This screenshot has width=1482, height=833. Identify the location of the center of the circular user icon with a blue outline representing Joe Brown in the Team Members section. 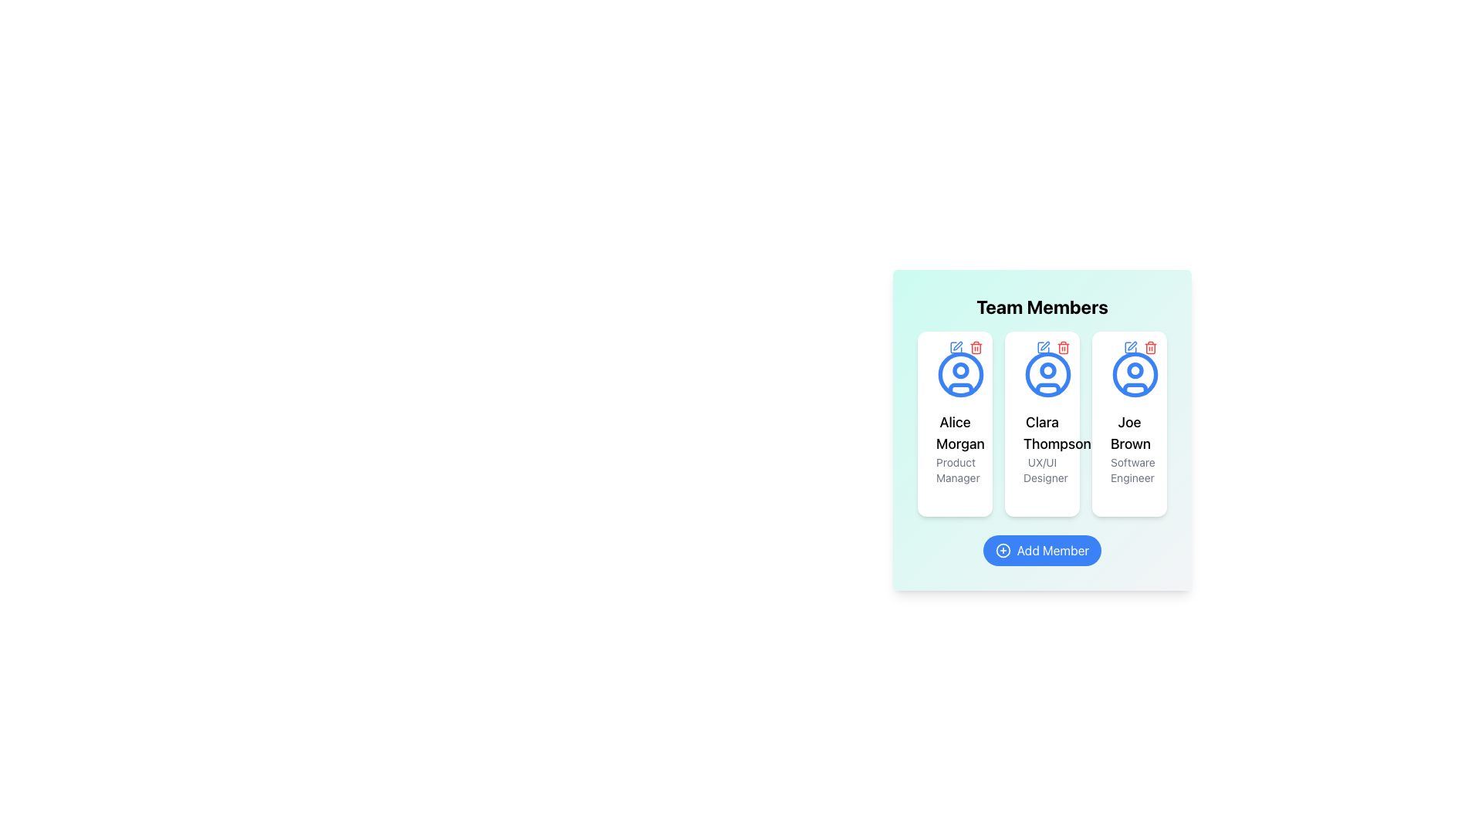
(1135, 375).